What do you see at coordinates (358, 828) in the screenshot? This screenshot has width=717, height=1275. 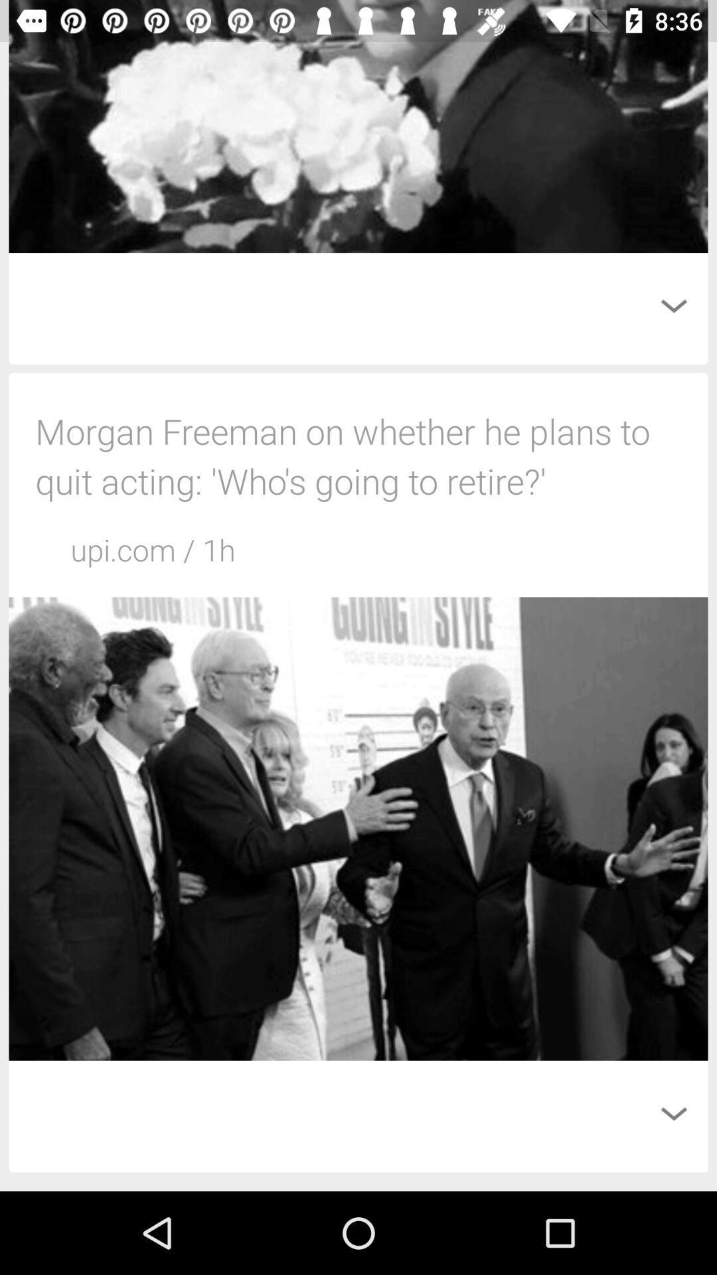 I see `the second image` at bounding box center [358, 828].